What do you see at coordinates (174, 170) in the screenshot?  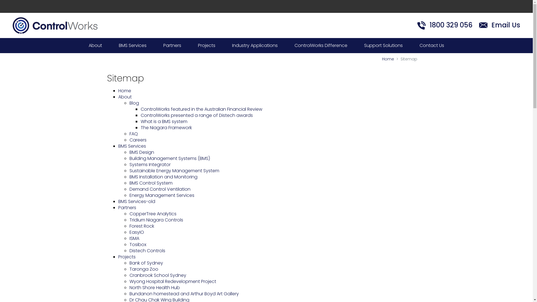 I see `'Sustainable Energy Management System'` at bounding box center [174, 170].